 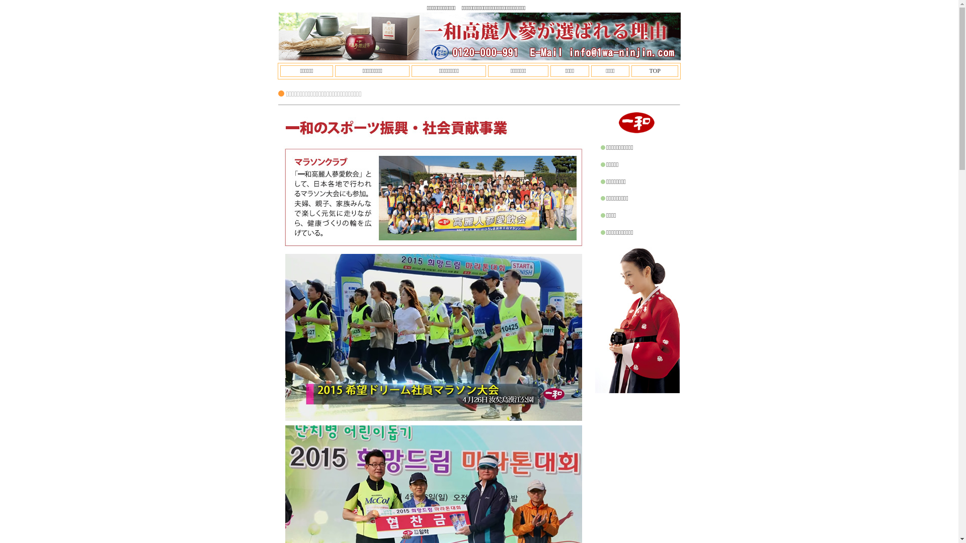 What do you see at coordinates (654, 70) in the screenshot?
I see `'TOP'` at bounding box center [654, 70].